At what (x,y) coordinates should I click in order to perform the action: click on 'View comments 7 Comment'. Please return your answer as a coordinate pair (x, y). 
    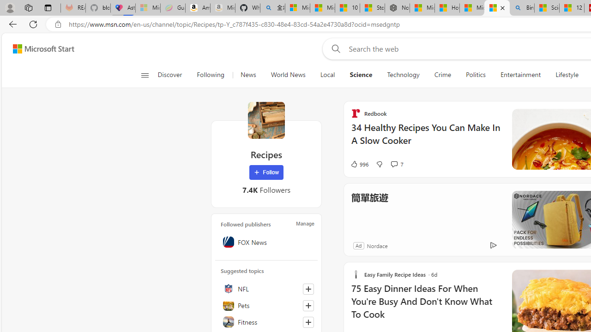
    Looking at the image, I should click on (397, 164).